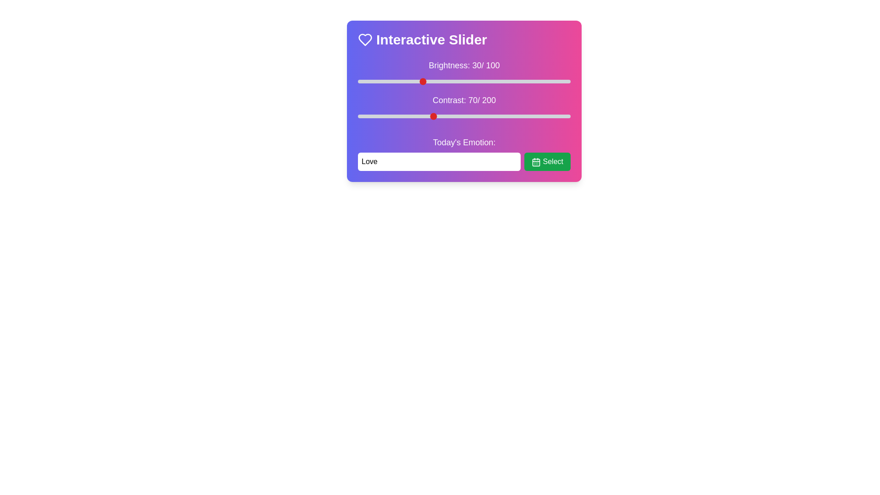 Image resolution: width=880 pixels, height=495 pixels. Describe the element at coordinates (428, 81) in the screenshot. I see `the brightness slider to 33%` at that location.